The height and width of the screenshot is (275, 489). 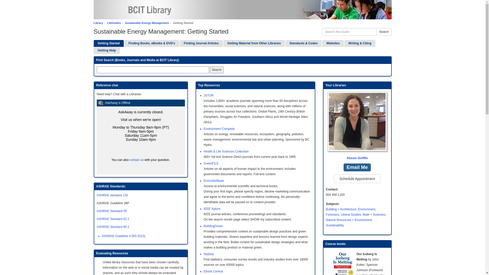 What do you see at coordinates (137, 160) in the screenshot?
I see `'contact us'` at bounding box center [137, 160].